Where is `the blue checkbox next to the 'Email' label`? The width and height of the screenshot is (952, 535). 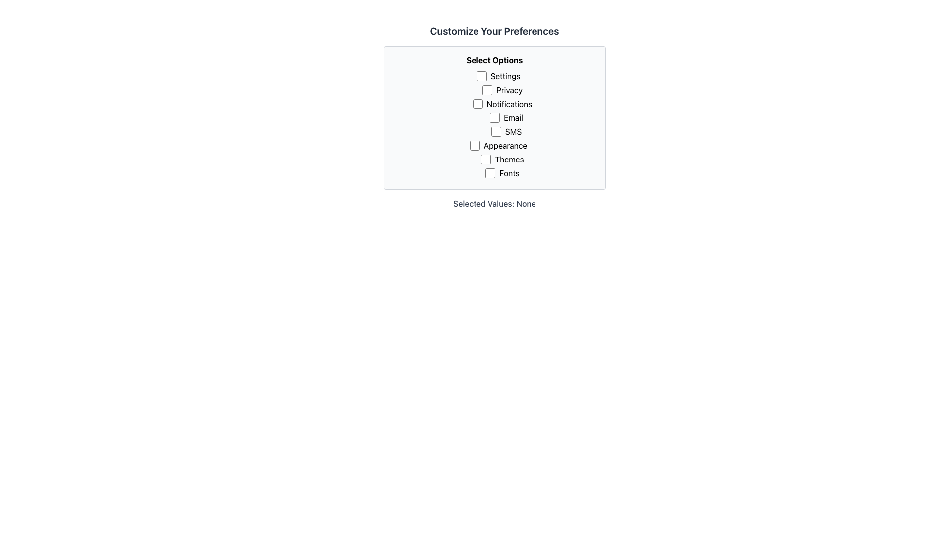 the blue checkbox next to the 'Email' label is located at coordinates (495, 117).